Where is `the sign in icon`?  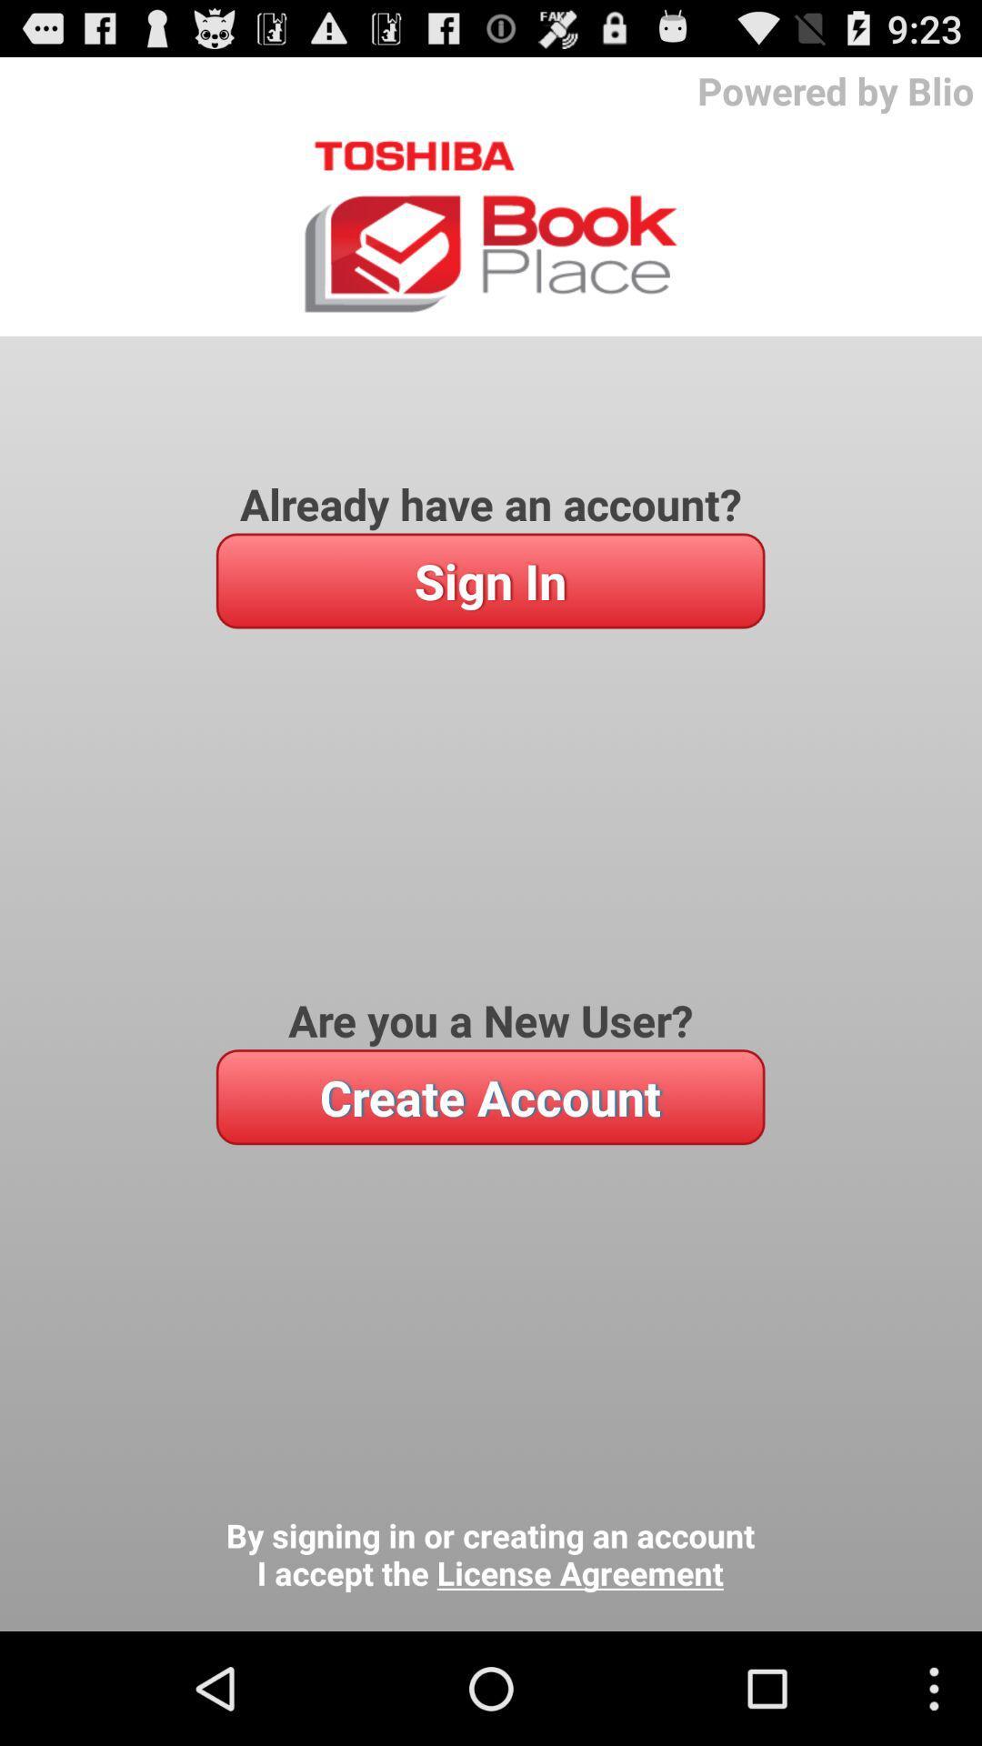 the sign in icon is located at coordinates (489, 579).